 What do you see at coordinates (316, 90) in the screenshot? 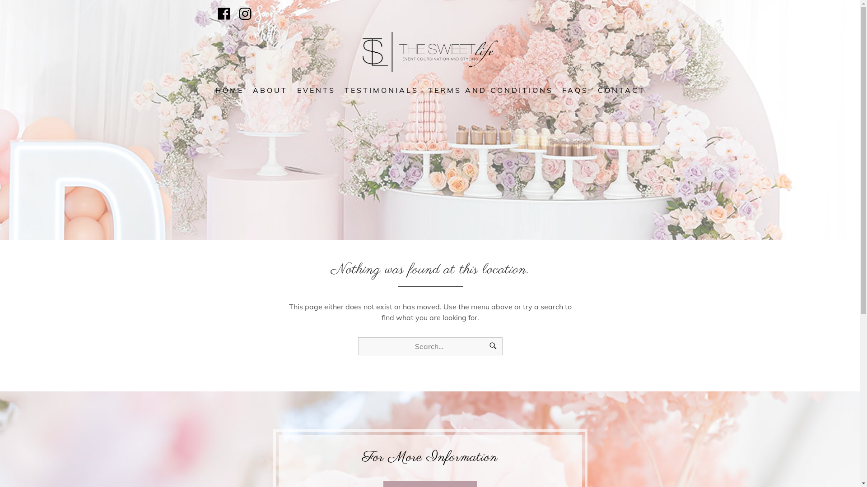
I see `'EVENTS'` at bounding box center [316, 90].